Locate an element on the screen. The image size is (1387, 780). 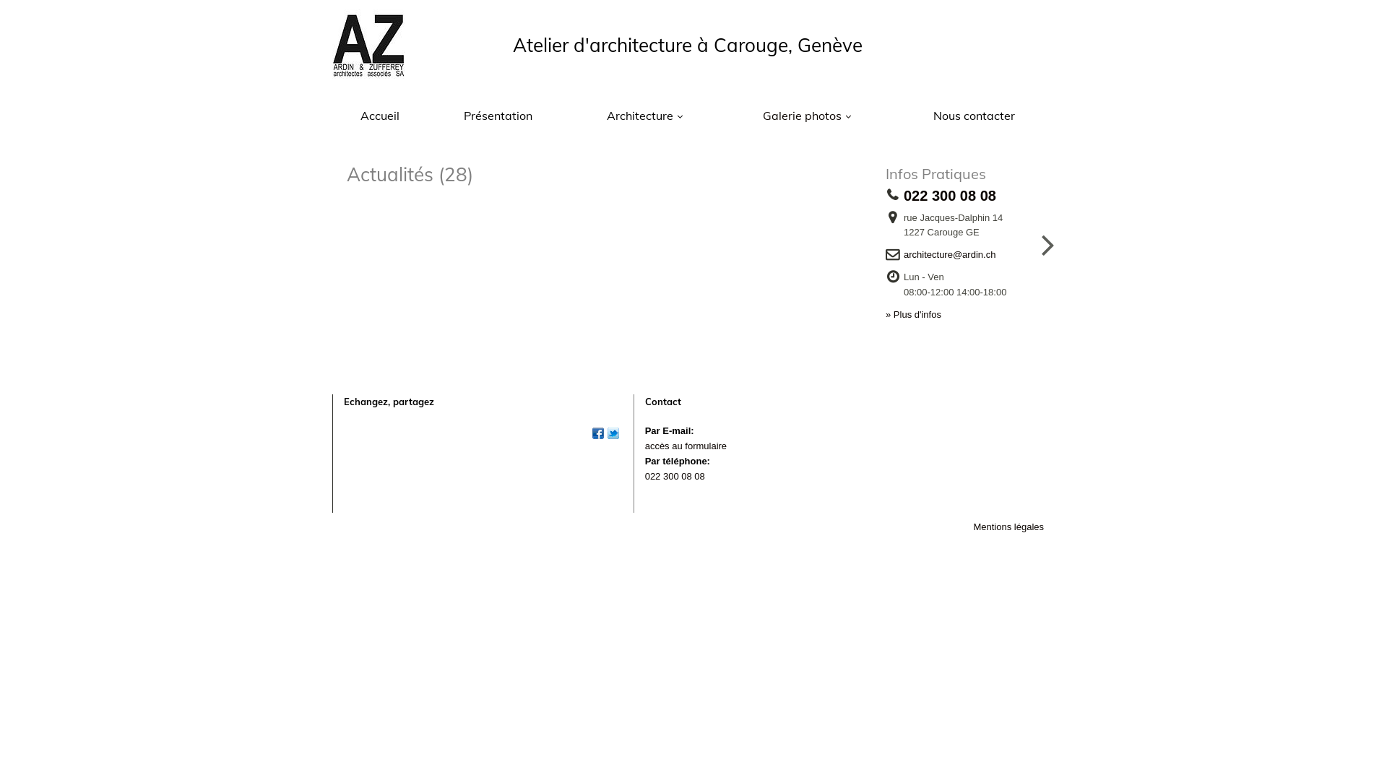
'Architecture' is located at coordinates (644, 115).